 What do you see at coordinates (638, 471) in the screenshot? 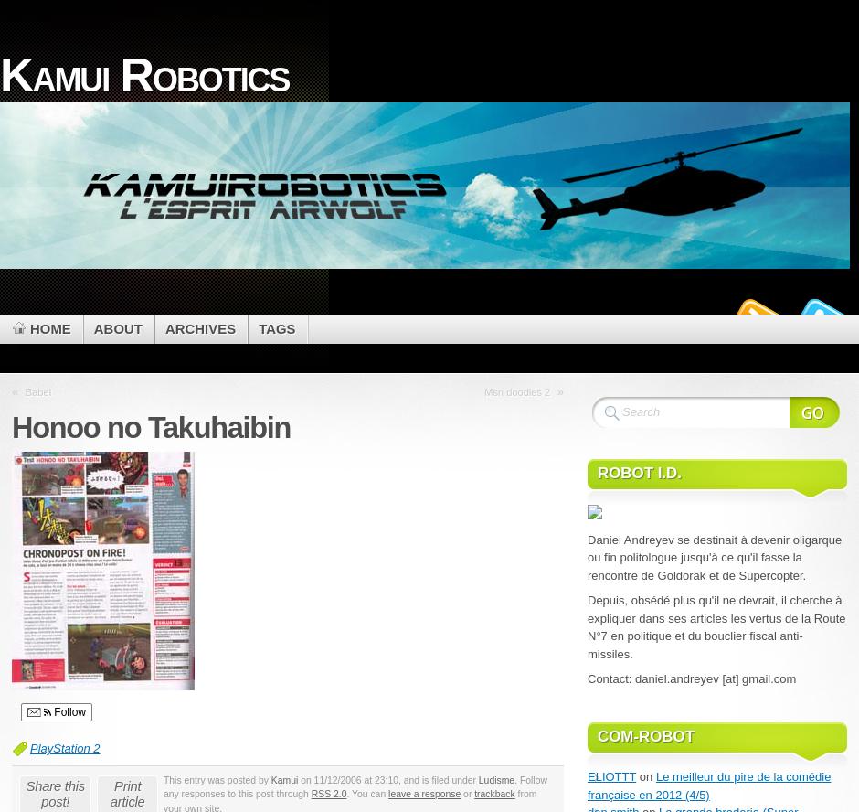
I see `'Robot i.d.'` at bounding box center [638, 471].